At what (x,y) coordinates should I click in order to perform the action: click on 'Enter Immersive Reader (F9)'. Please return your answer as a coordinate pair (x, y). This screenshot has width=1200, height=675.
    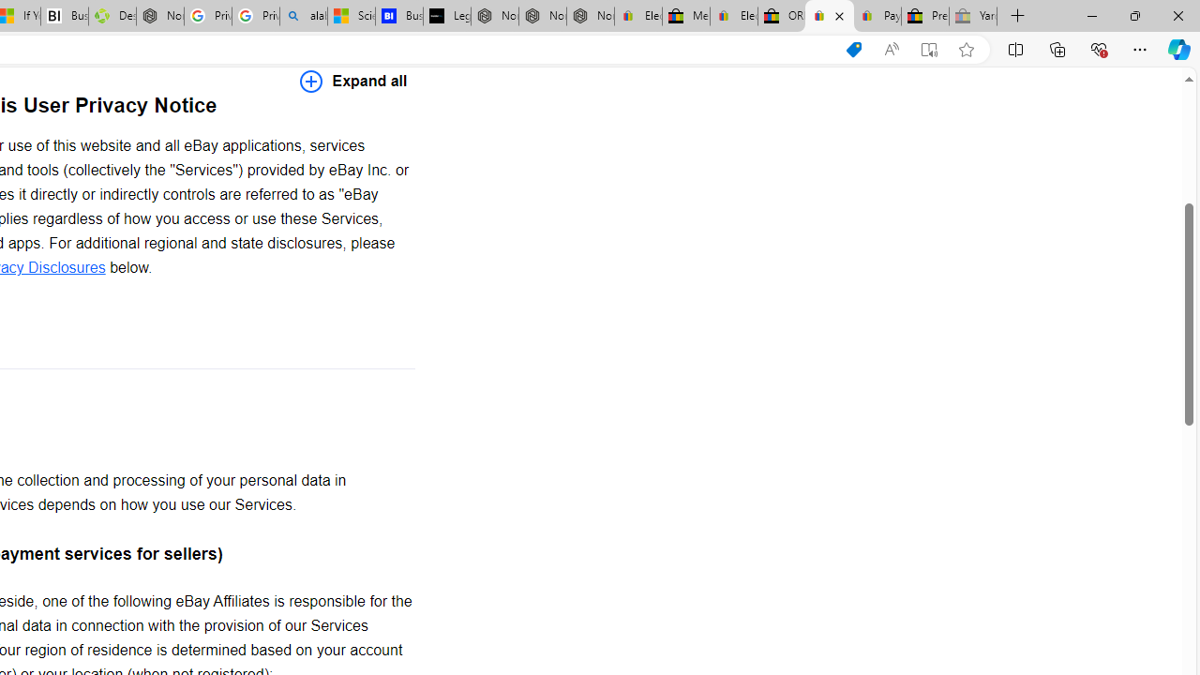
    Looking at the image, I should click on (929, 49).